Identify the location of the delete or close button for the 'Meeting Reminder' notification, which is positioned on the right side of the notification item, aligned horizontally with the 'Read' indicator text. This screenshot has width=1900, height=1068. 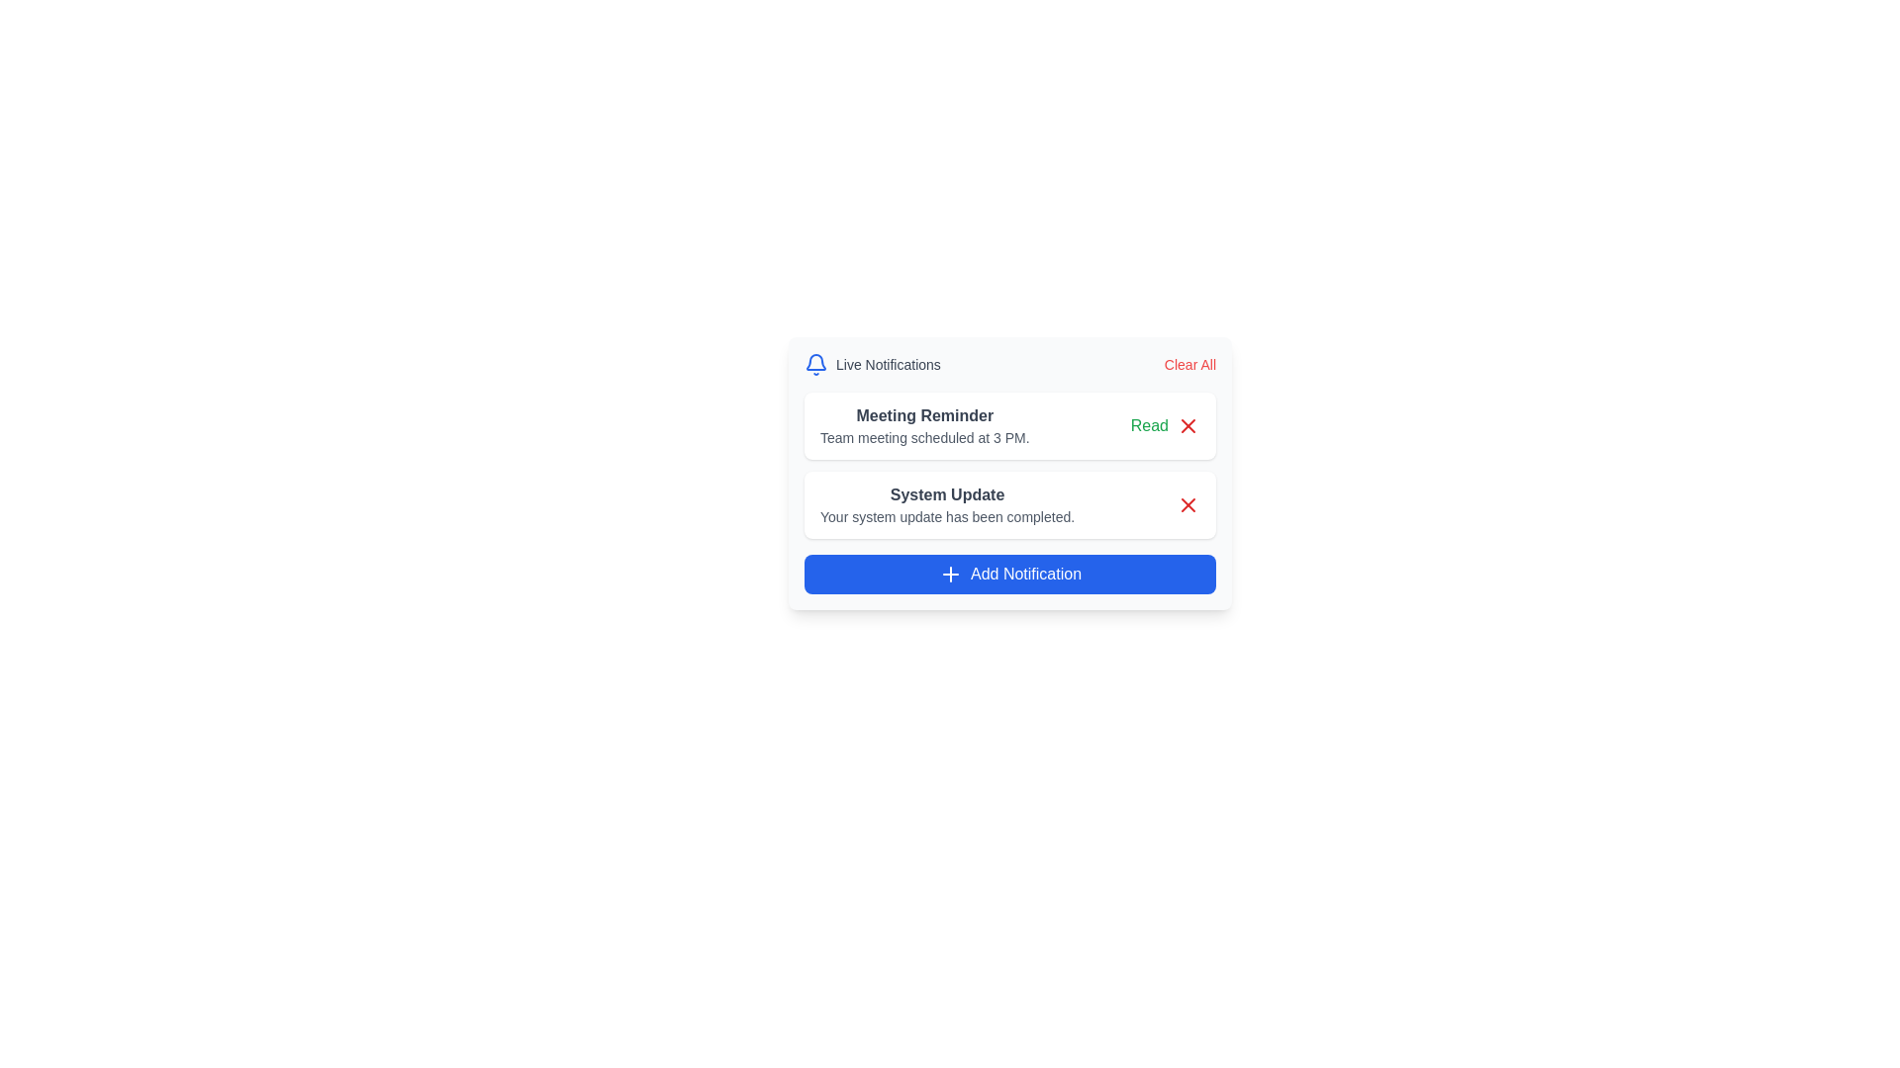
(1187, 425).